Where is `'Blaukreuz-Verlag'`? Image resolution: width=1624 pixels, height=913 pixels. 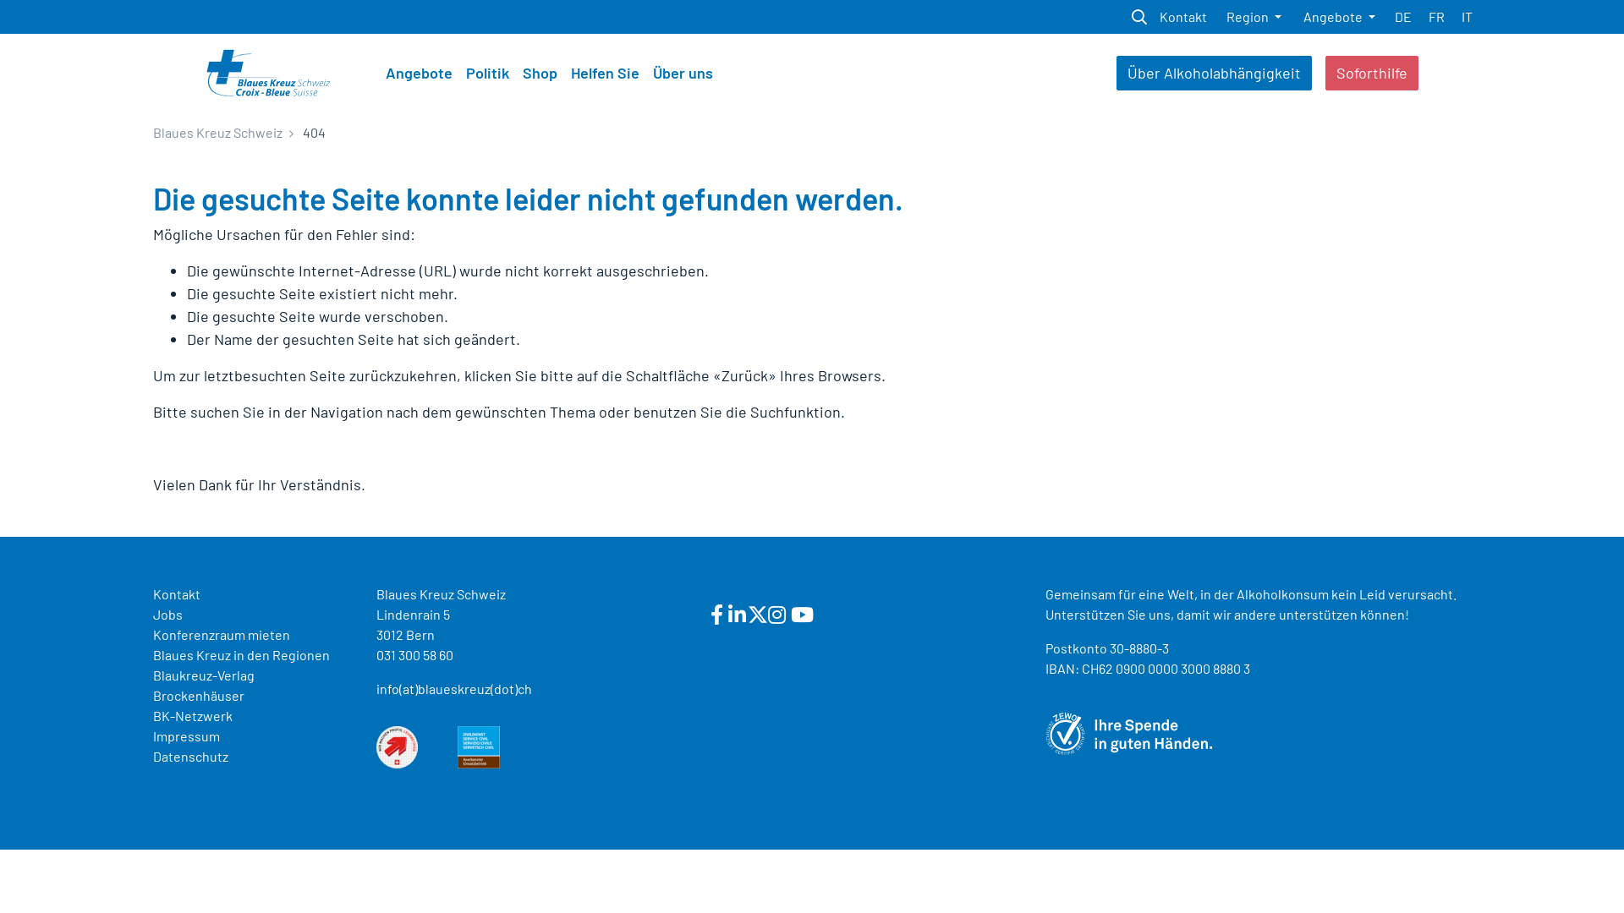
'Blaukreuz-Verlag' is located at coordinates (203, 674).